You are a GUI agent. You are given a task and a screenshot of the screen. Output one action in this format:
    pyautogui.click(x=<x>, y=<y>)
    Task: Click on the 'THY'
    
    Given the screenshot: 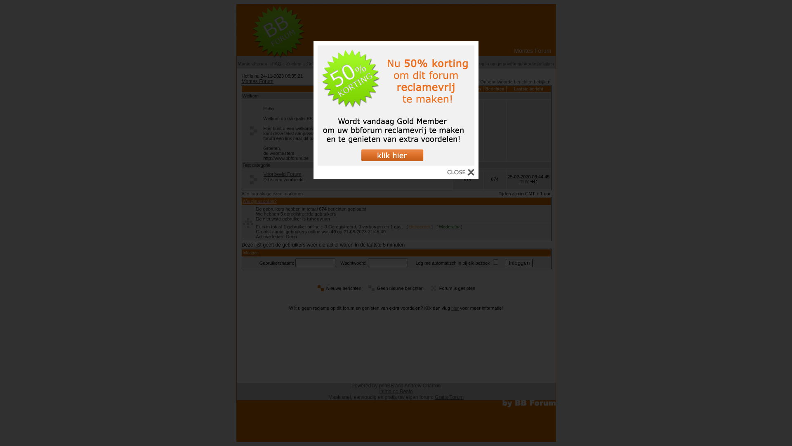 What is the action you would take?
    pyautogui.click(x=524, y=181)
    